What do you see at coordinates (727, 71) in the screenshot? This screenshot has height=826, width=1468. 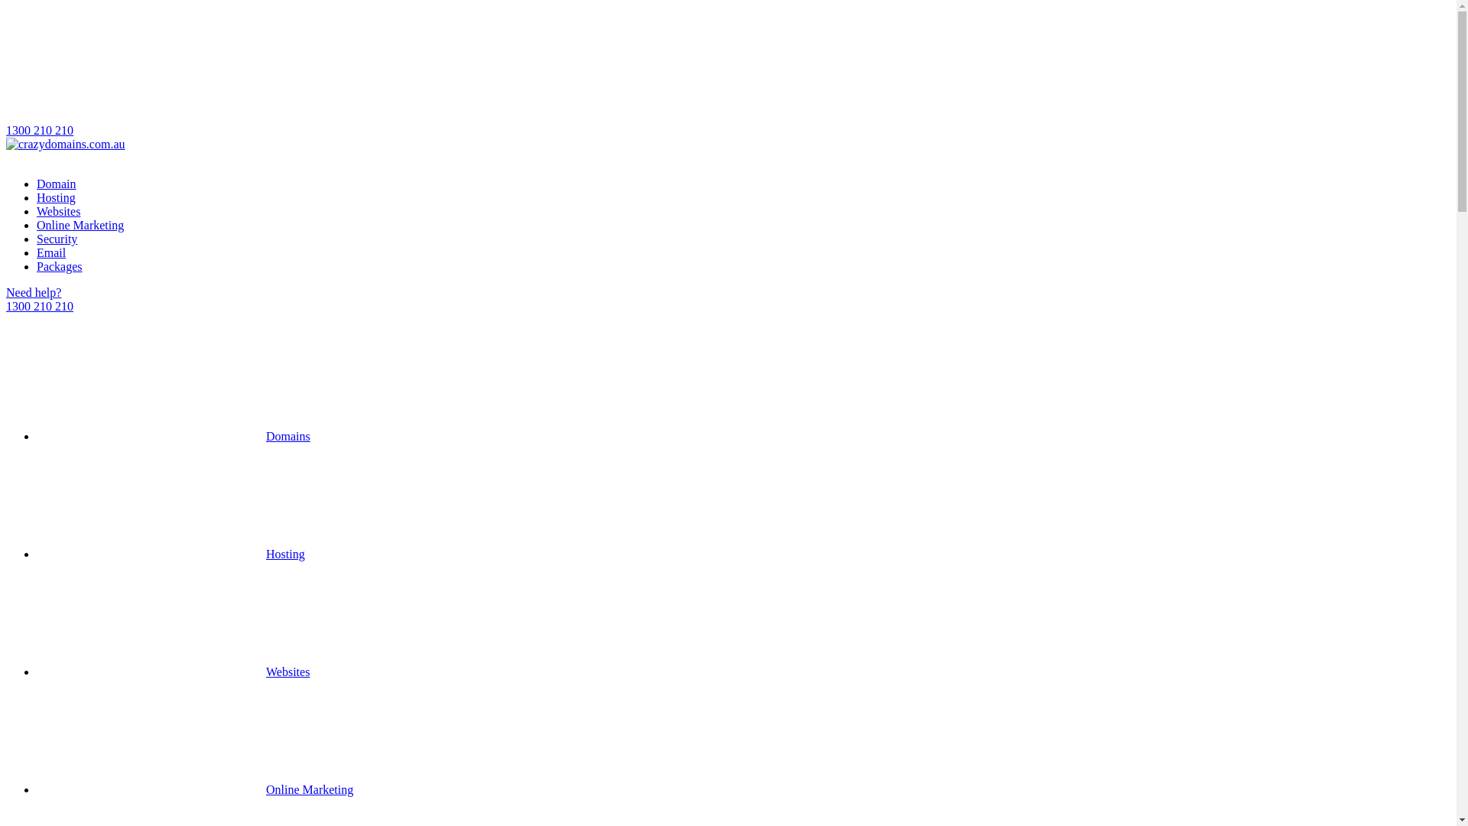 I see `'1300 210 210'` at bounding box center [727, 71].